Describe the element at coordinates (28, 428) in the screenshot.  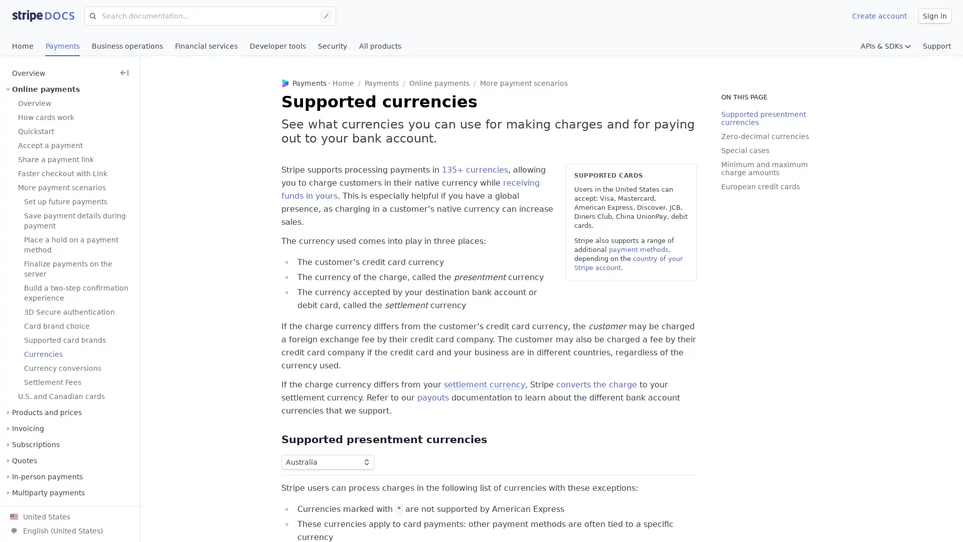
I see `Invoicing` at that location.